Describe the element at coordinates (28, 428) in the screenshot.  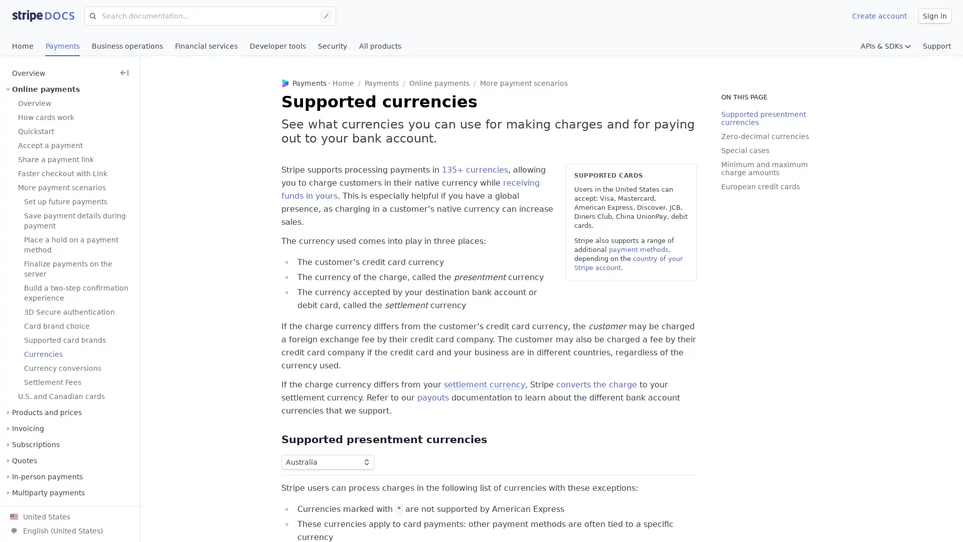
I see `Invoicing` at that location.